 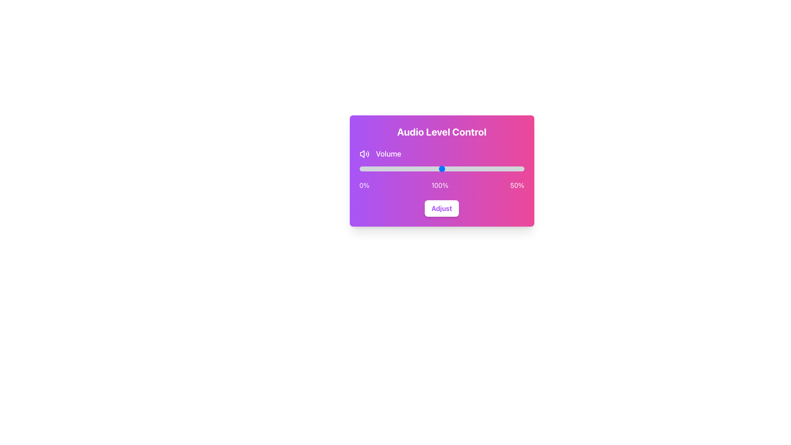 What do you see at coordinates (410, 168) in the screenshot?
I see `the volume` at bounding box center [410, 168].